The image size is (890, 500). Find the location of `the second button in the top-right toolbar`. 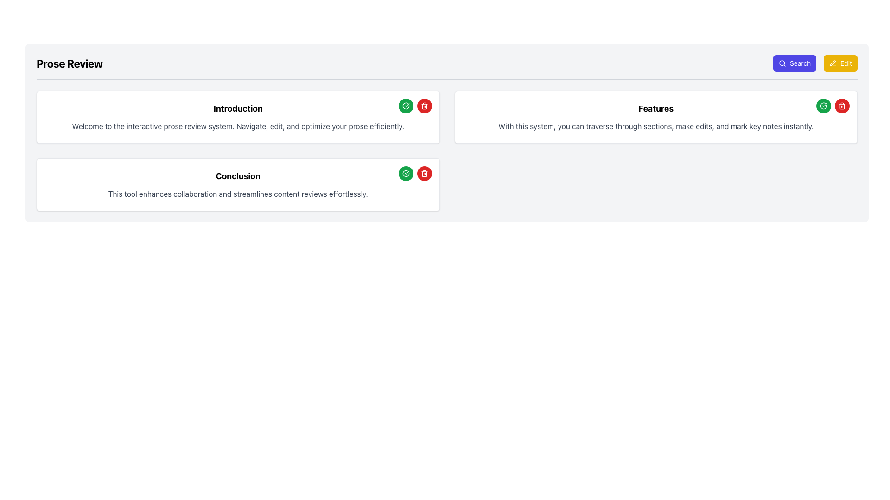

the second button in the top-right toolbar is located at coordinates (840, 63).